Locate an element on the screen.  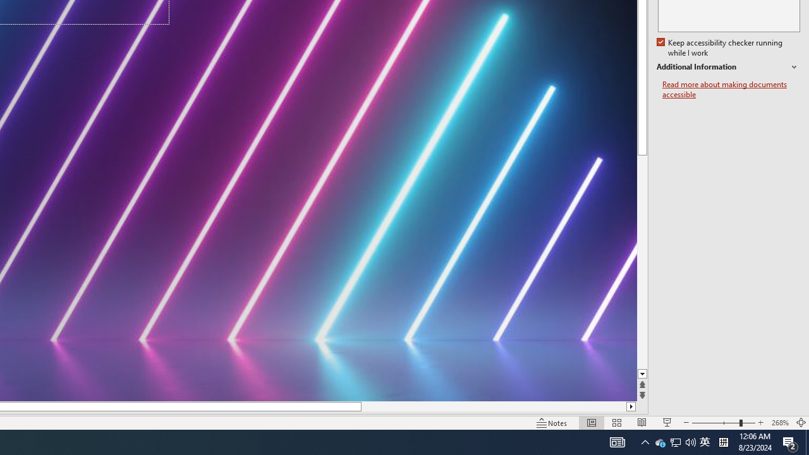
'Notes ' is located at coordinates (552, 423).